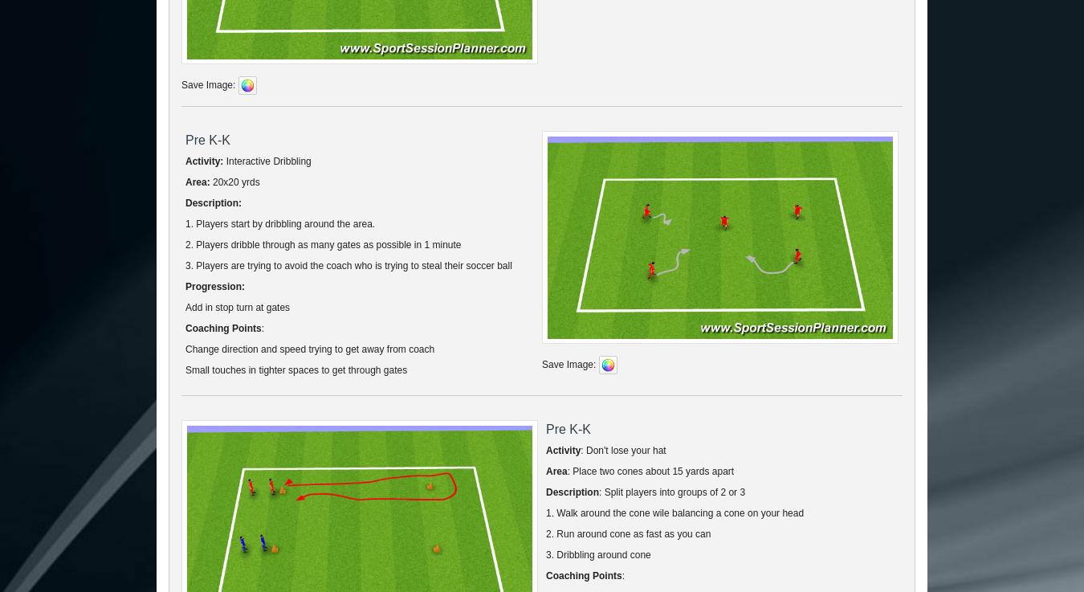  What do you see at coordinates (198, 182) in the screenshot?
I see `'Area:'` at bounding box center [198, 182].